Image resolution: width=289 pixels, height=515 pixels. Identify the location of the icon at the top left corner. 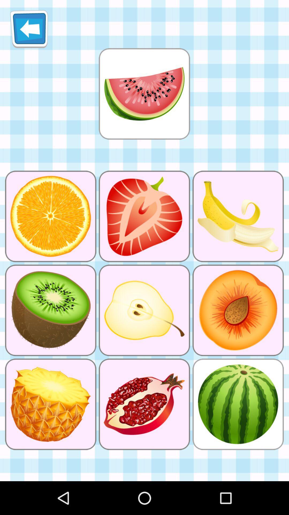
(29, 29).